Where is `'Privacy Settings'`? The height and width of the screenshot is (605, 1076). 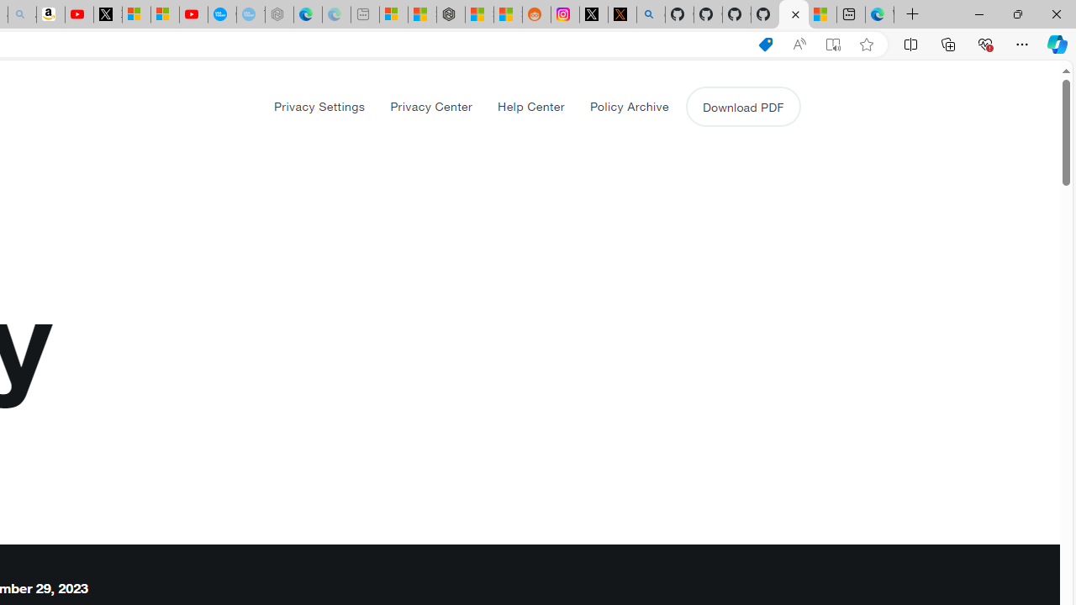
'Privacy Settings' is located at coordinates (319, 106).